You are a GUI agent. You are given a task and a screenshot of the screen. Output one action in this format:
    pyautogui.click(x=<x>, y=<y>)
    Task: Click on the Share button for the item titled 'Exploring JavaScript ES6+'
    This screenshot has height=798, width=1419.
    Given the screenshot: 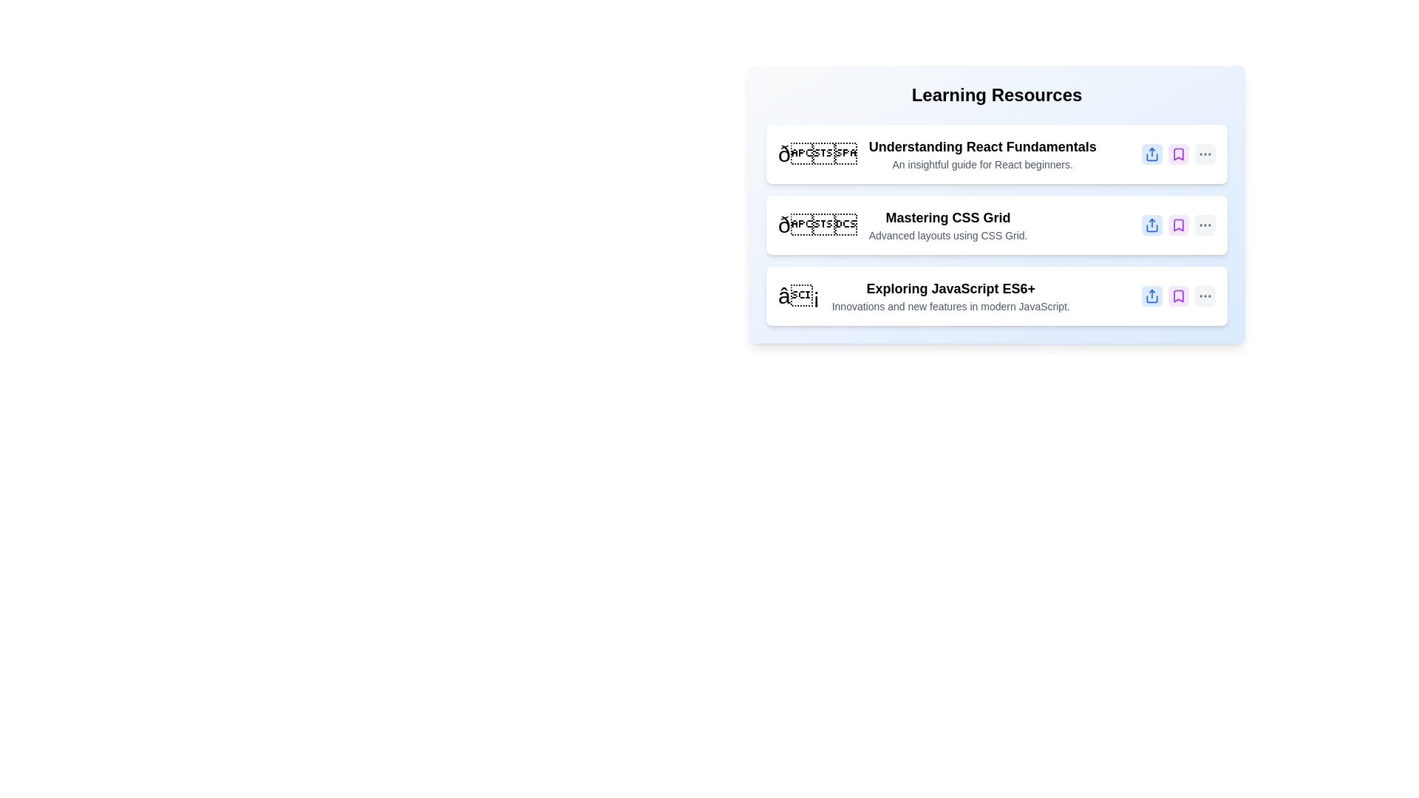 What is the action you would take?
    pyautogui.click(x=1151, y=296)
    